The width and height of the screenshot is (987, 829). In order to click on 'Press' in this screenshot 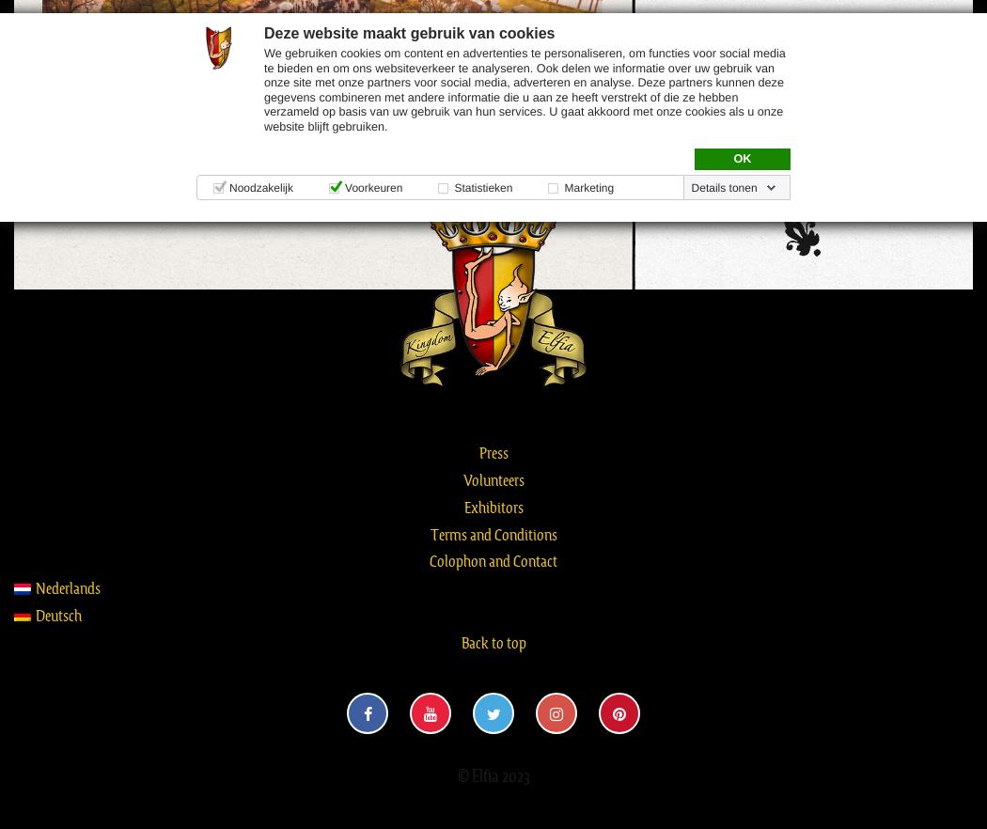, I will do `click(478, 451)`.